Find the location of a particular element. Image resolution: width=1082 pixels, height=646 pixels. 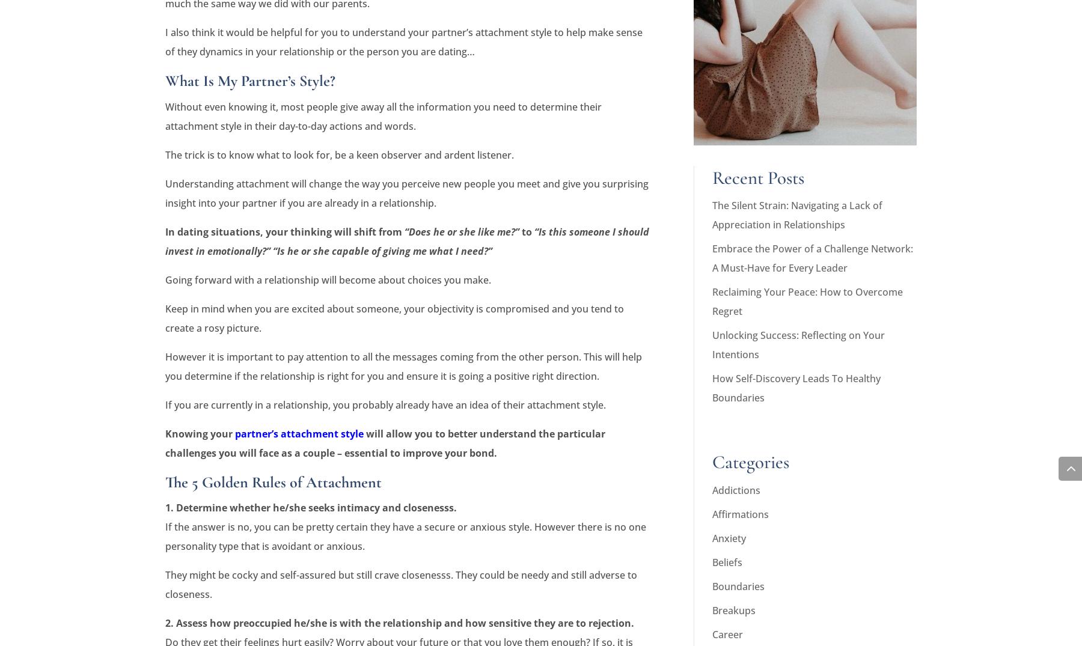

'Beliefs' is located at coordinates (726, 562).